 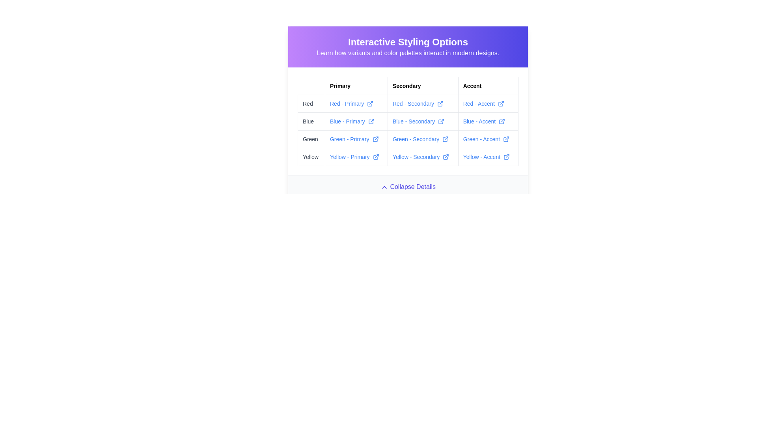 What do you see at coordinates (422, 121) in the screenshot?
I see `the hyperlink with an associated icon located in the 'Secondary' column and 'Blue' row of the table, positioned between 'Blue - Primary' and 'Blue - Accent'` at bounding box center [422, 121].